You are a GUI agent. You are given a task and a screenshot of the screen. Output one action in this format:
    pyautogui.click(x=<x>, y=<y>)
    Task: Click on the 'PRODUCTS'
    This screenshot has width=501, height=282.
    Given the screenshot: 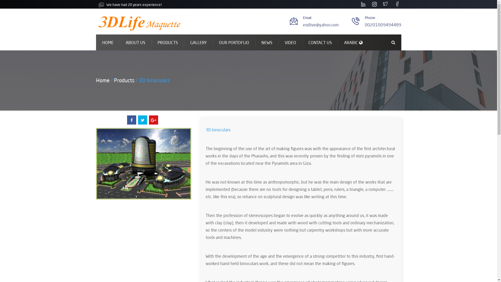 What is the action you would take?
    pyautogui.click(x=168, y=42)
    